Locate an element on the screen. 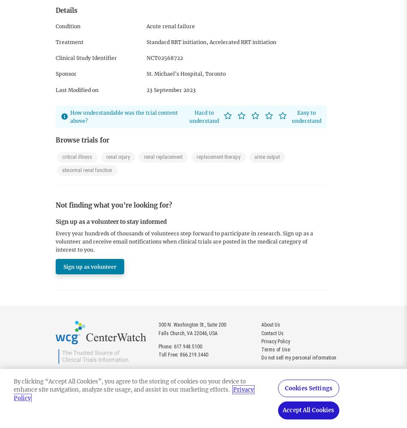  'Clinical Study Identifier' is located at coordinates (86, 58).